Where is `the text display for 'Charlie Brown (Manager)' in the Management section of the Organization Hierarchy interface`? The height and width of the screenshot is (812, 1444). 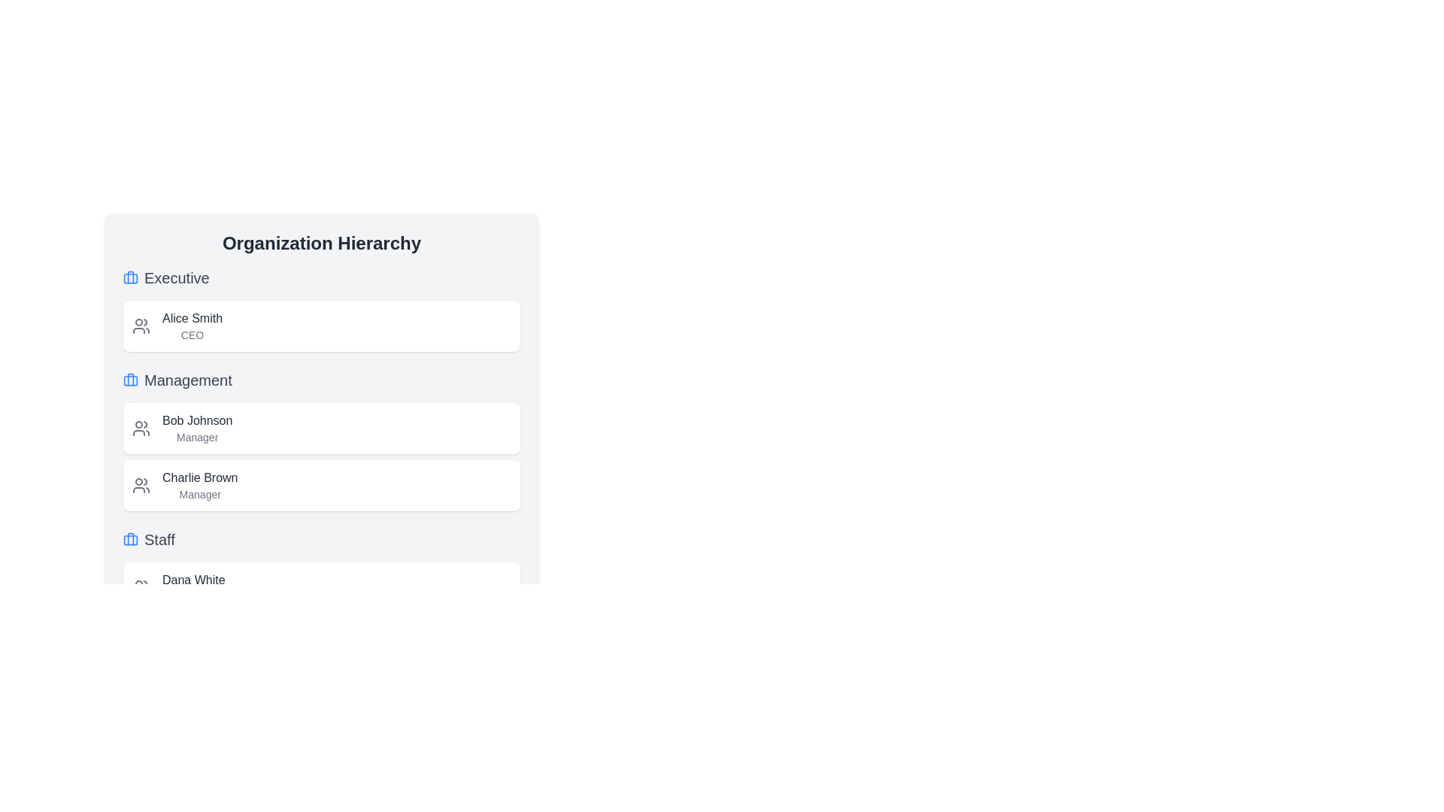
the text display for 'Charlie Brown (Manager)' in the Management section of the Organization Hierarchy interface is located at coordinates (199, 485).